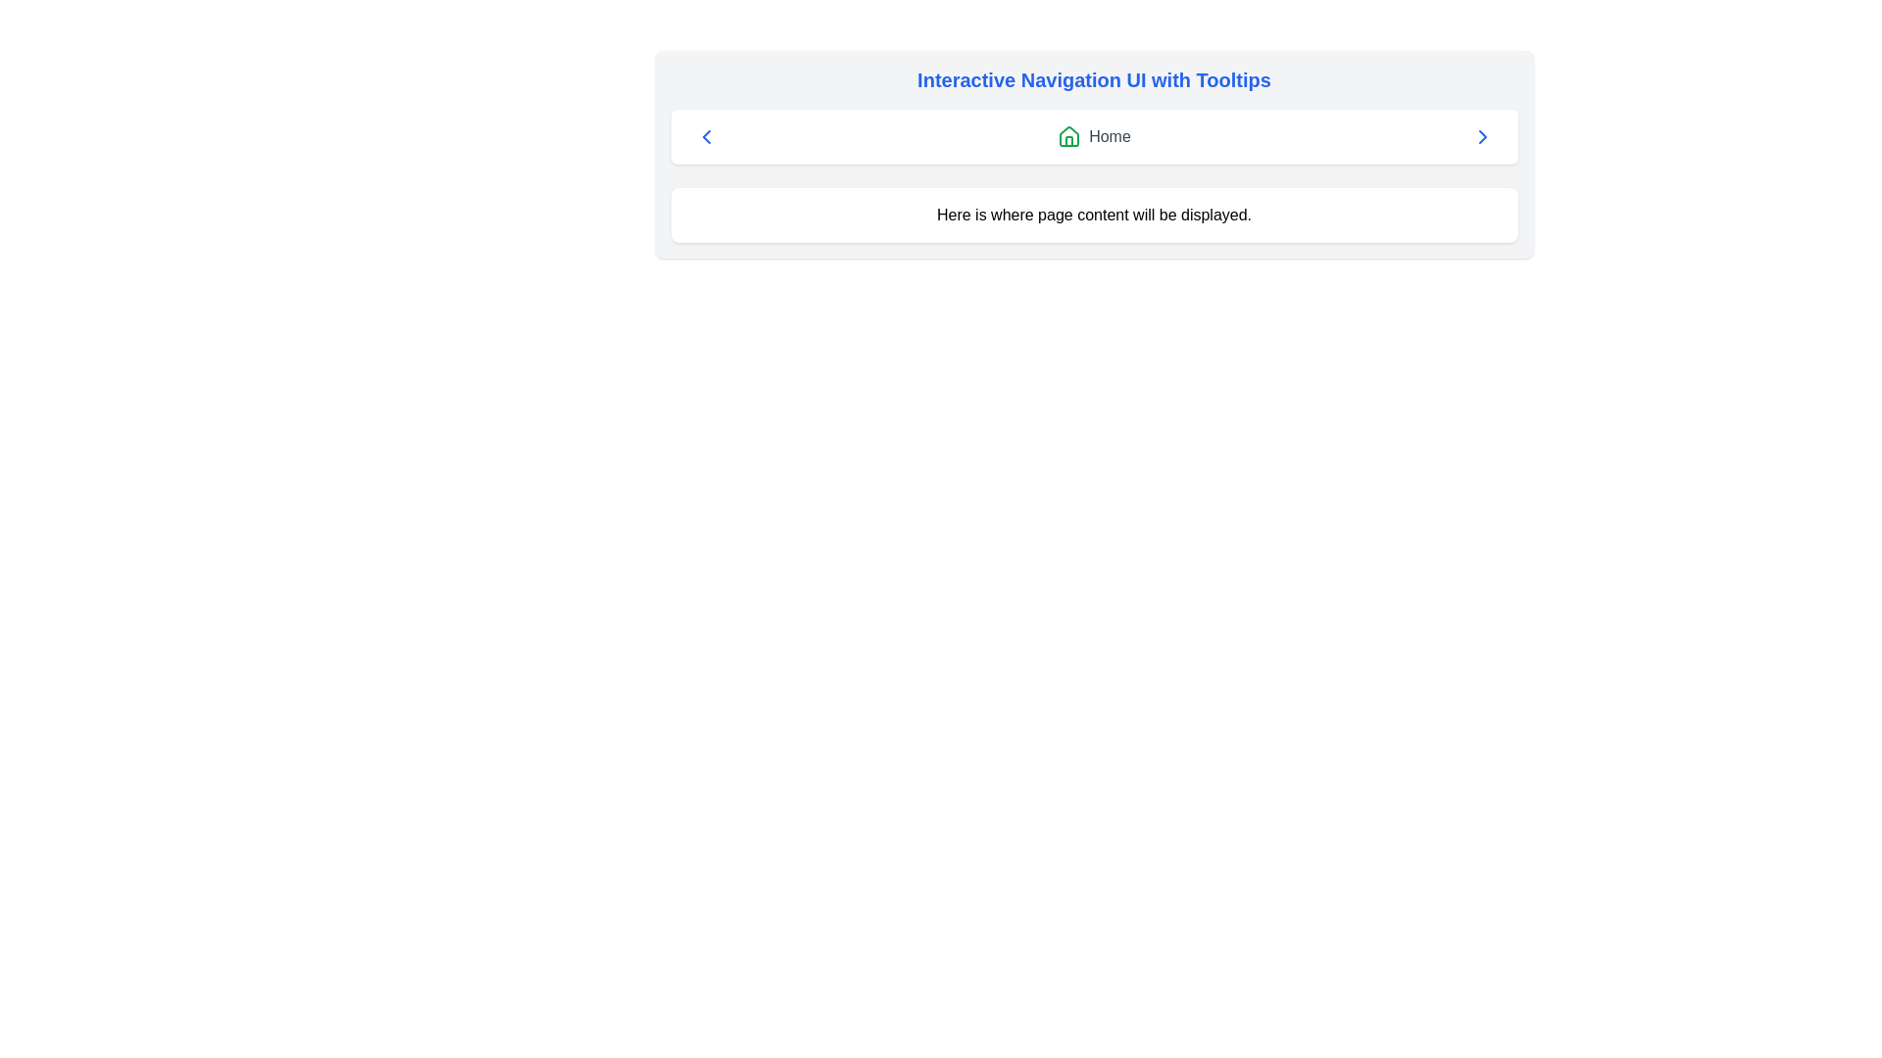 Image resolution: width=1882 pixels, height=1058 pixels. What do you see at coordinates (706, 135) in the screenshot?
I see `the blue left arrow icon button in the navigation bar` at bounding box center [706, 135].